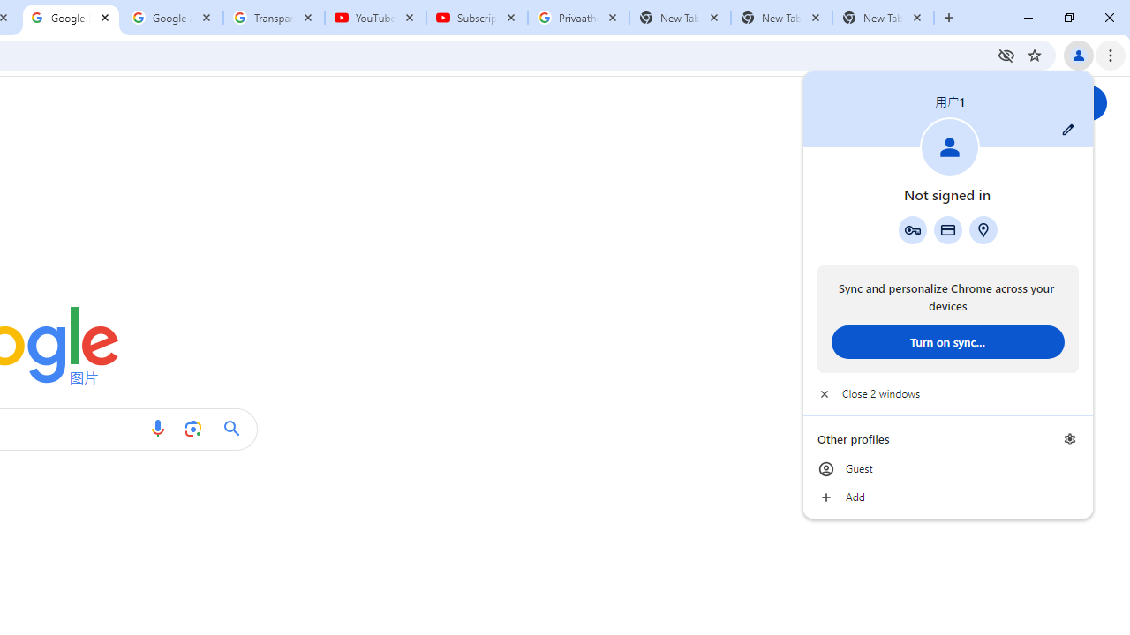  Describe the element at coordinates (1069, 438) in the screenshot. I see `'Manage profiles'` at that location.